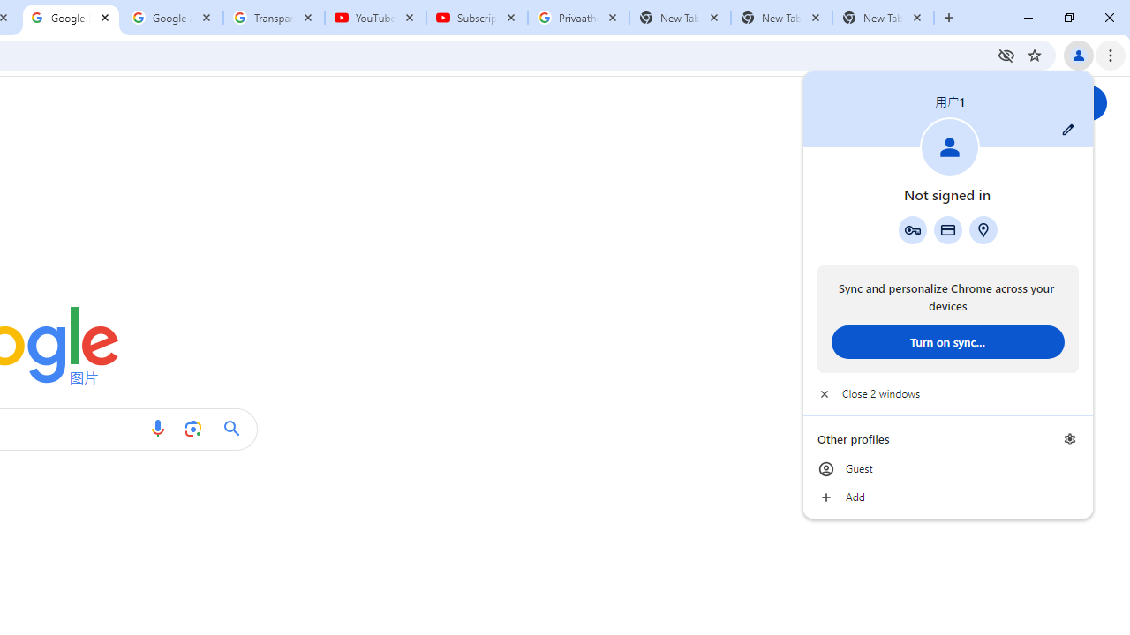  Describe the element at coordinates (1069, 438) in the screenshot. I see `'Manage profiles'` at that location.